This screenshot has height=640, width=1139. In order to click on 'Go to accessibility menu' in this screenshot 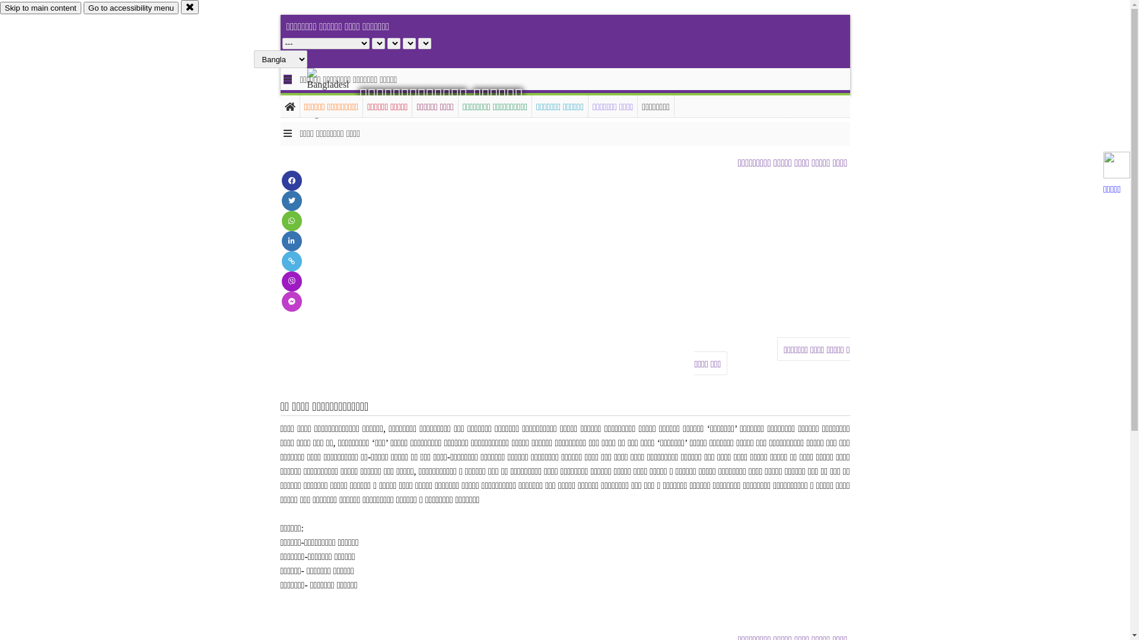, I will do `click(131, 8)`.